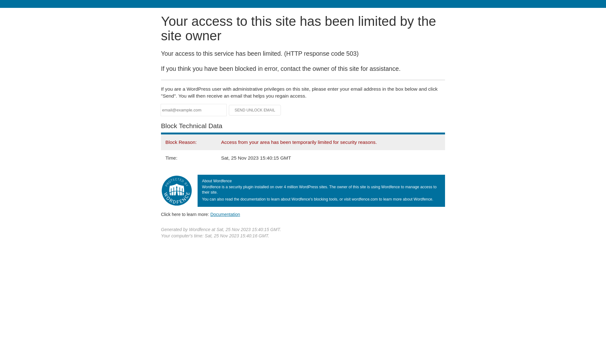 The height and width of the screenshot is (340, 606). What do you see at coordinates (255, 110) in the screenshot?
I see `'Send Unlock Email'` at bounding box center [255, 110].